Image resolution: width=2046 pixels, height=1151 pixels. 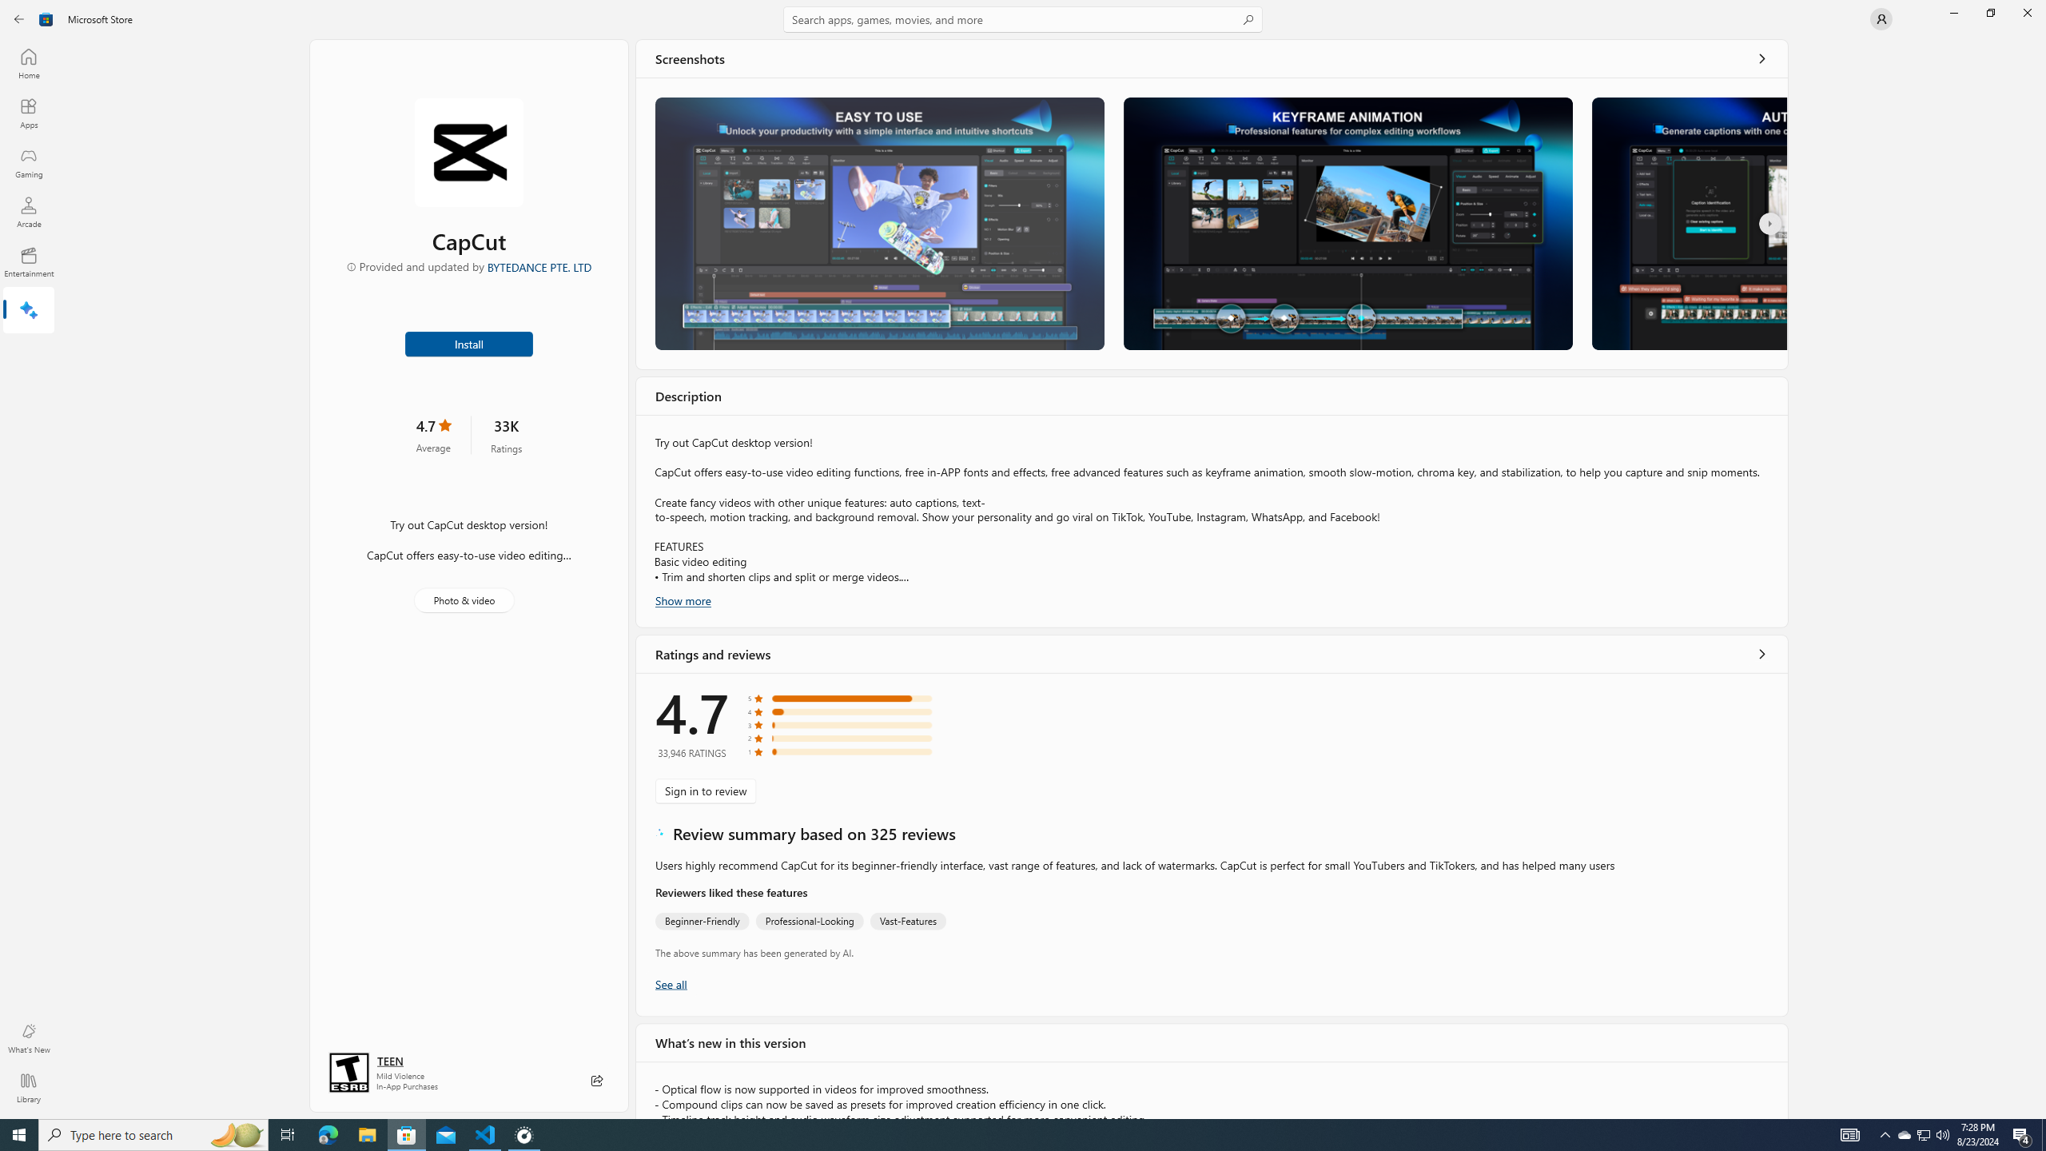 What do you see at coordinates (388, 1059) in the screenshot?
I see `'Age rating: TEEN. Click for more information.'` at bounding box center [388, 1059].